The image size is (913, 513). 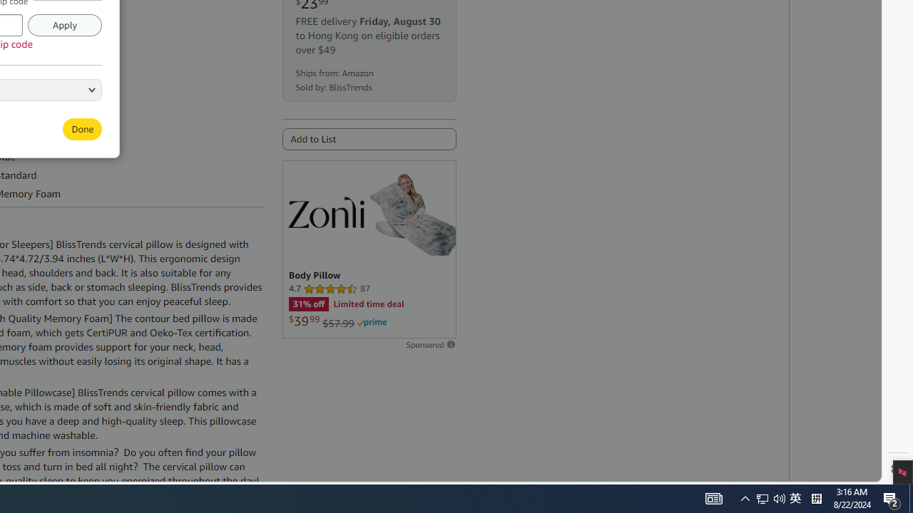 What do you see at coordinates (36, 88) in the screenshot?
I see `'King'` at bounding box center [36, 88].